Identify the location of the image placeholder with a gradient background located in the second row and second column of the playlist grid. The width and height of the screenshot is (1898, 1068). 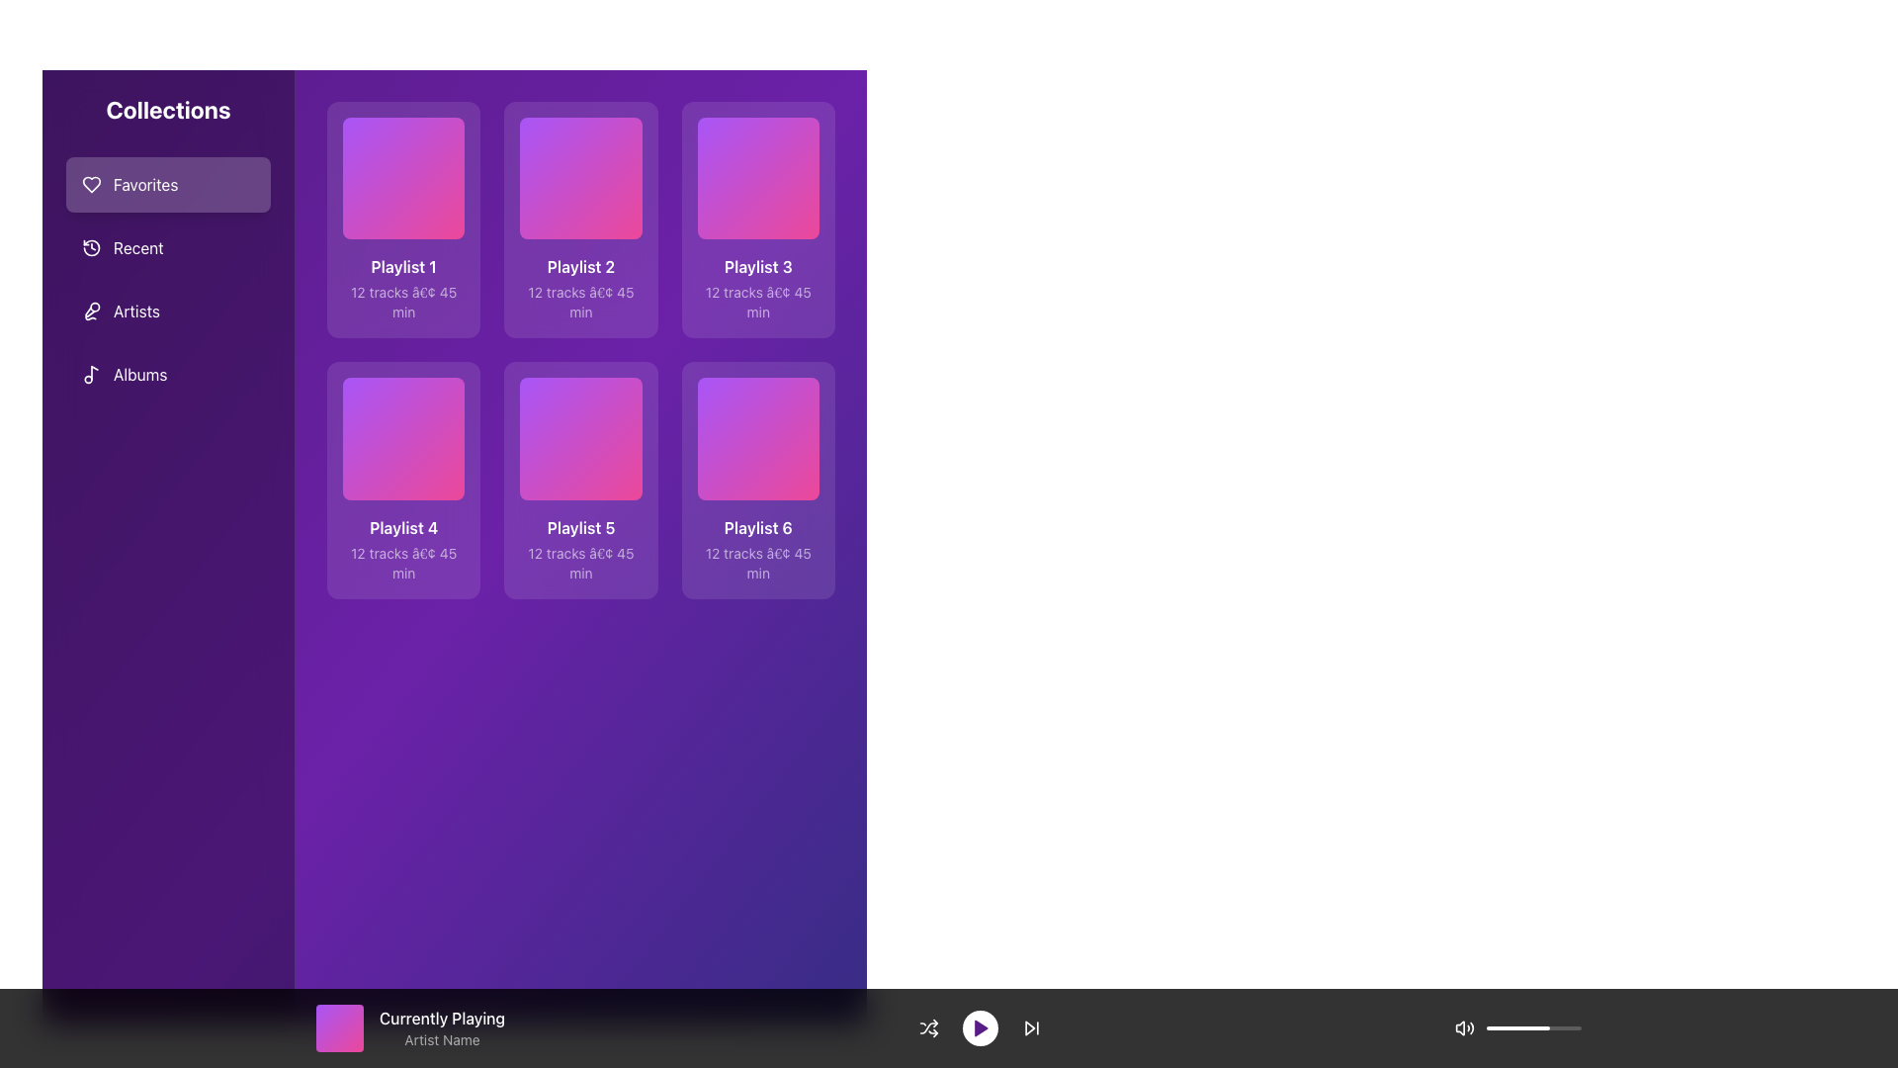
(579, 437).